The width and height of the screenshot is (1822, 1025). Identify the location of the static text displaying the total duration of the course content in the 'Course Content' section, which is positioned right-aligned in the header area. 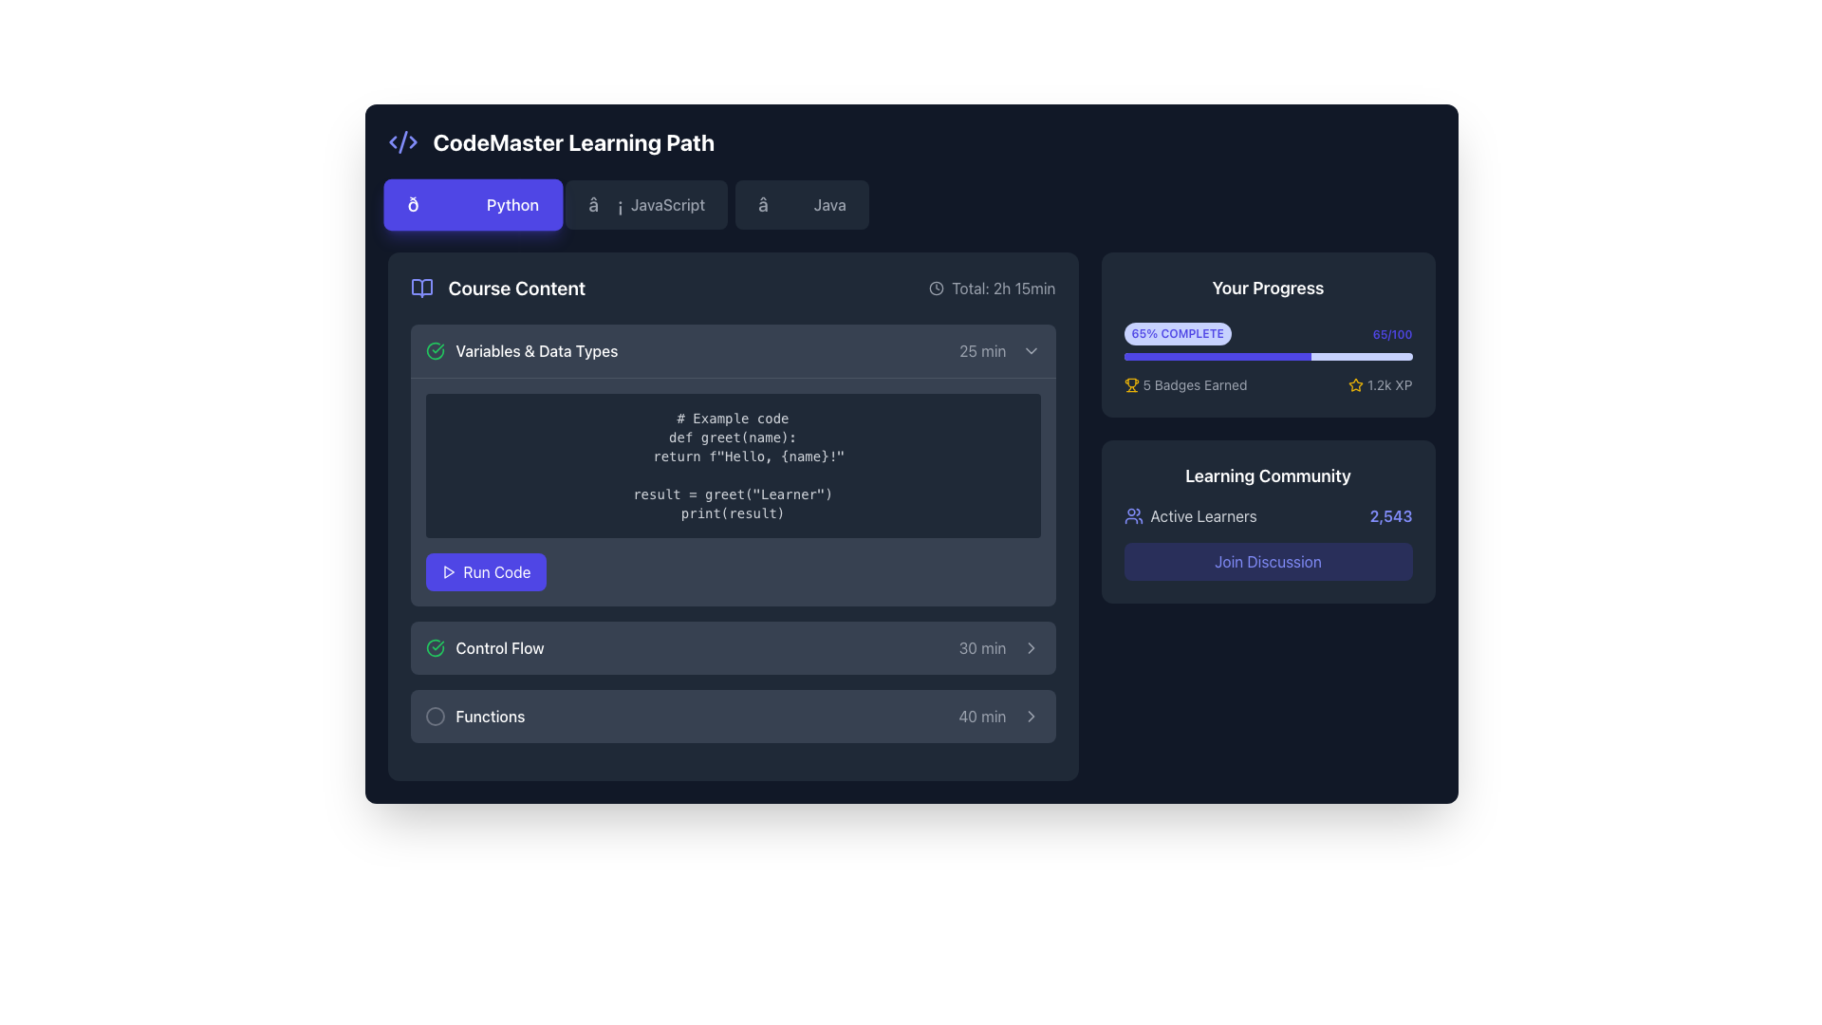
(991, 289).